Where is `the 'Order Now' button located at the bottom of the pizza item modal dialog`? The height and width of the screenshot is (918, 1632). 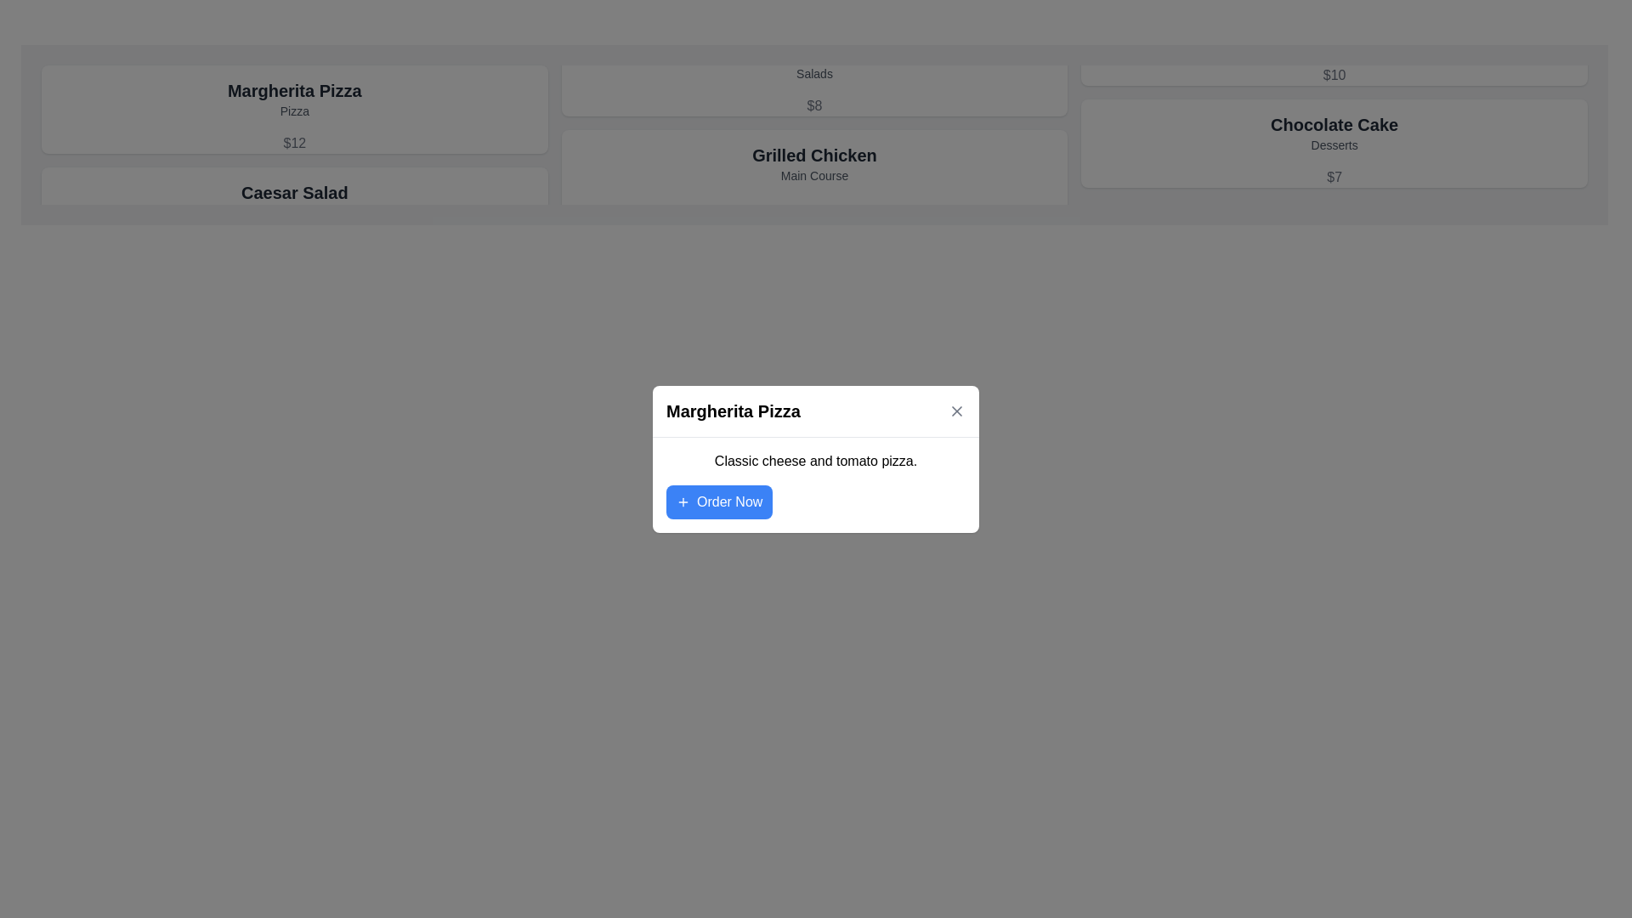
the 'Order Now' button located at the bottom of the pizza item modal dialog is located at coordinates (719, 501).